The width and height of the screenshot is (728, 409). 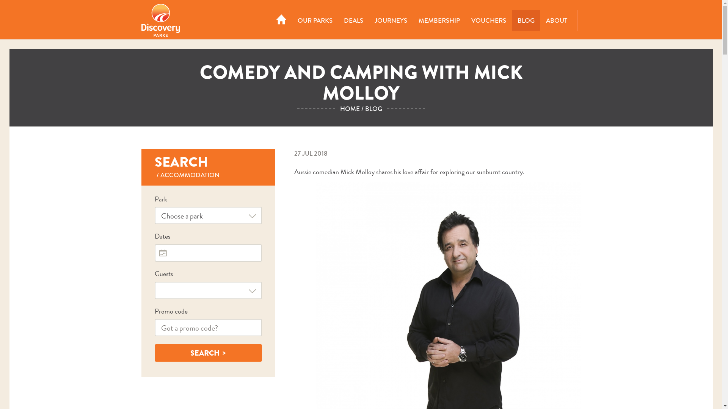 I want to click on 'JOURNEYS', so click(x=368, y=20).